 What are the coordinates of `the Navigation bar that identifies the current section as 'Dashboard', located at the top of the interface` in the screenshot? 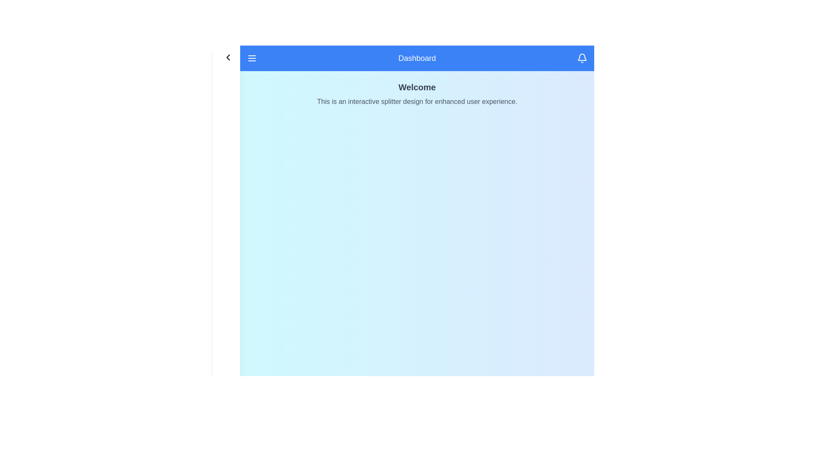 It's located at (417, 58).